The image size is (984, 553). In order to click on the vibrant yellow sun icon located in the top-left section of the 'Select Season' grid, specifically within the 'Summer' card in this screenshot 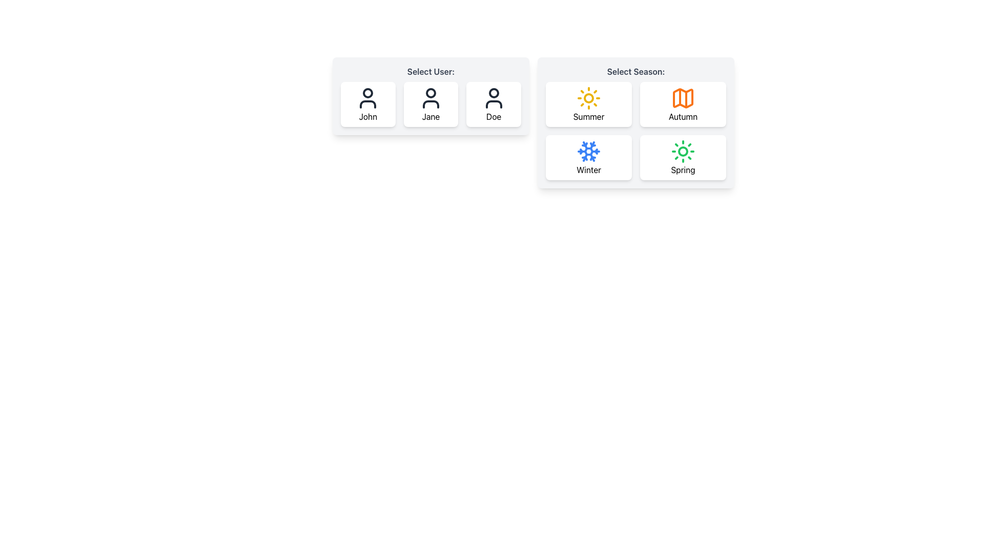, I will do `click(588, 98)`.